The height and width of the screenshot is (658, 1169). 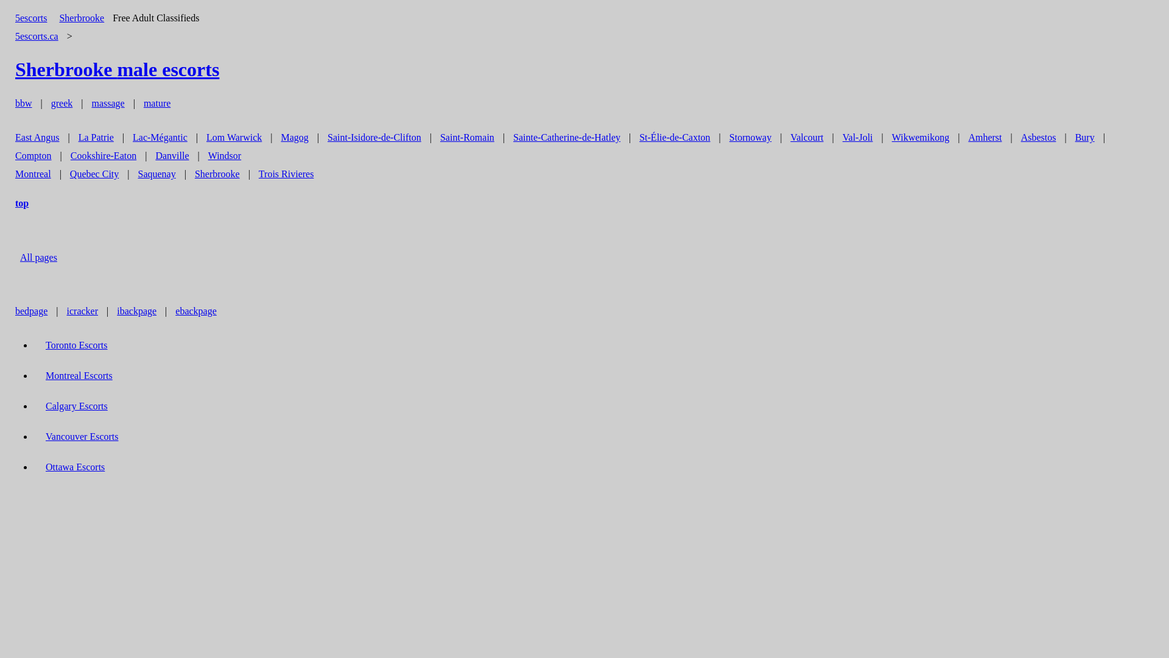 What do you see at coordinates (225, 155) in the screenshot?
I see `'Windsor'` at bounding box center [225, 155].